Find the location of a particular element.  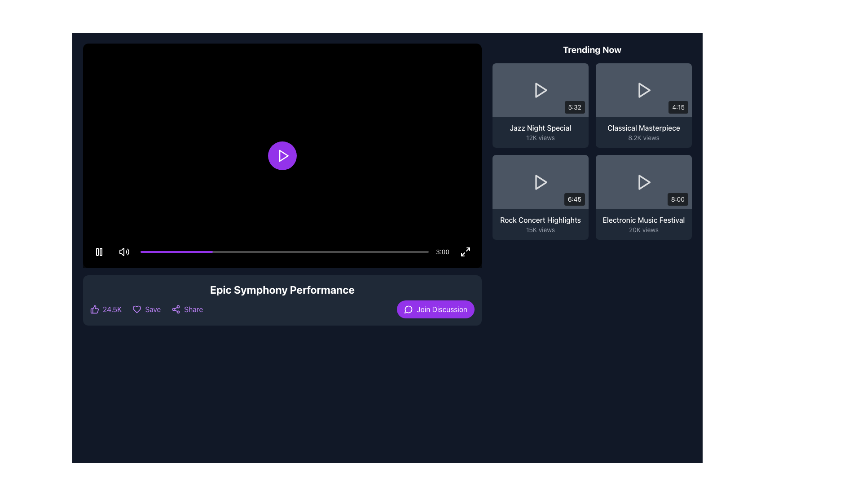

the central play button in the second item of the 2x2 grid of videos in the 'Trending Now' section is located at coordinates (643, 90).